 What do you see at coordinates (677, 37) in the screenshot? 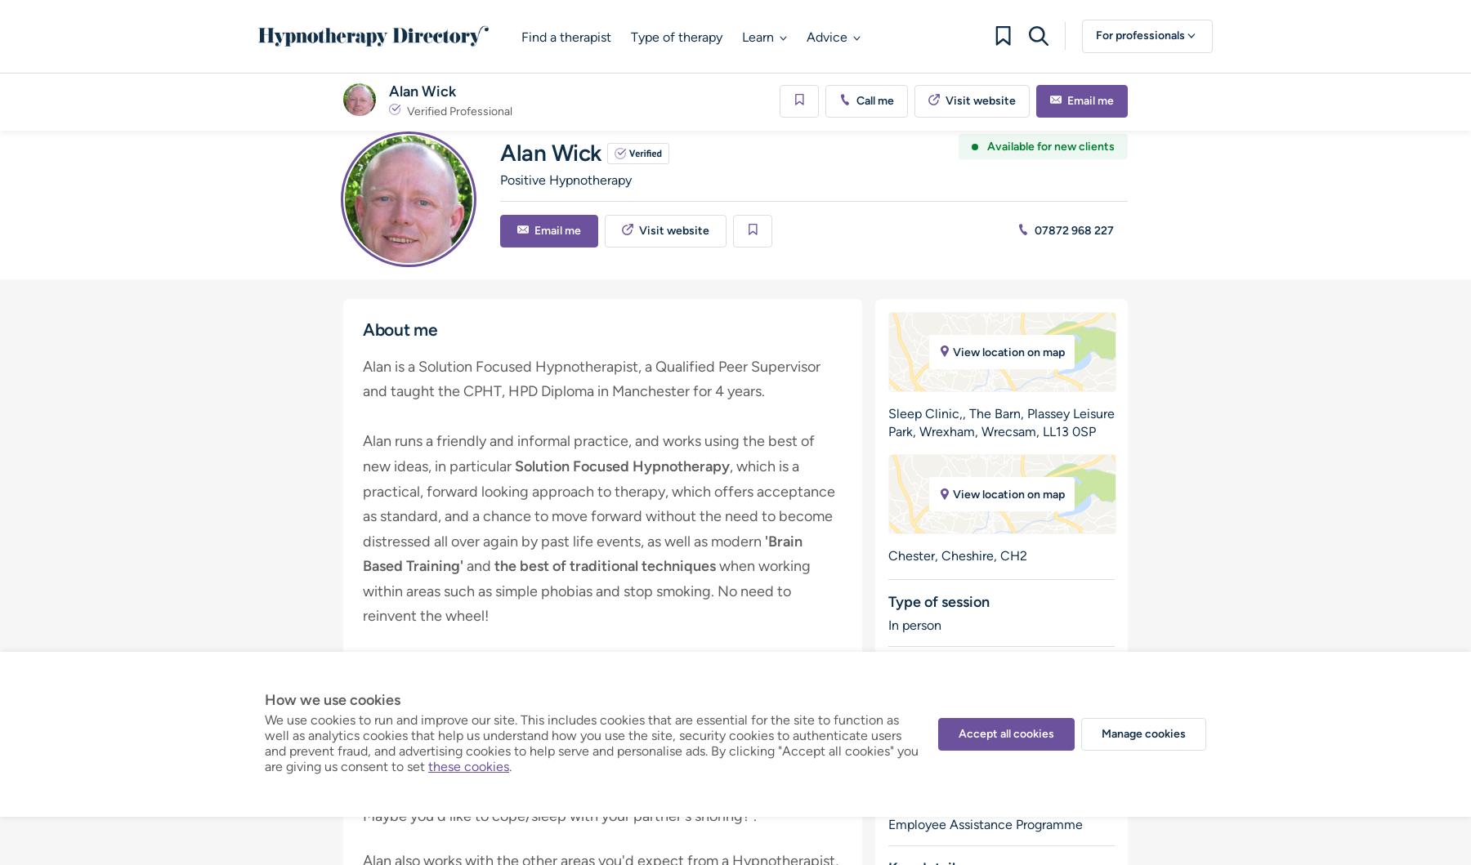
I see `'Type of therapy'` at bounding box center [677, 37].